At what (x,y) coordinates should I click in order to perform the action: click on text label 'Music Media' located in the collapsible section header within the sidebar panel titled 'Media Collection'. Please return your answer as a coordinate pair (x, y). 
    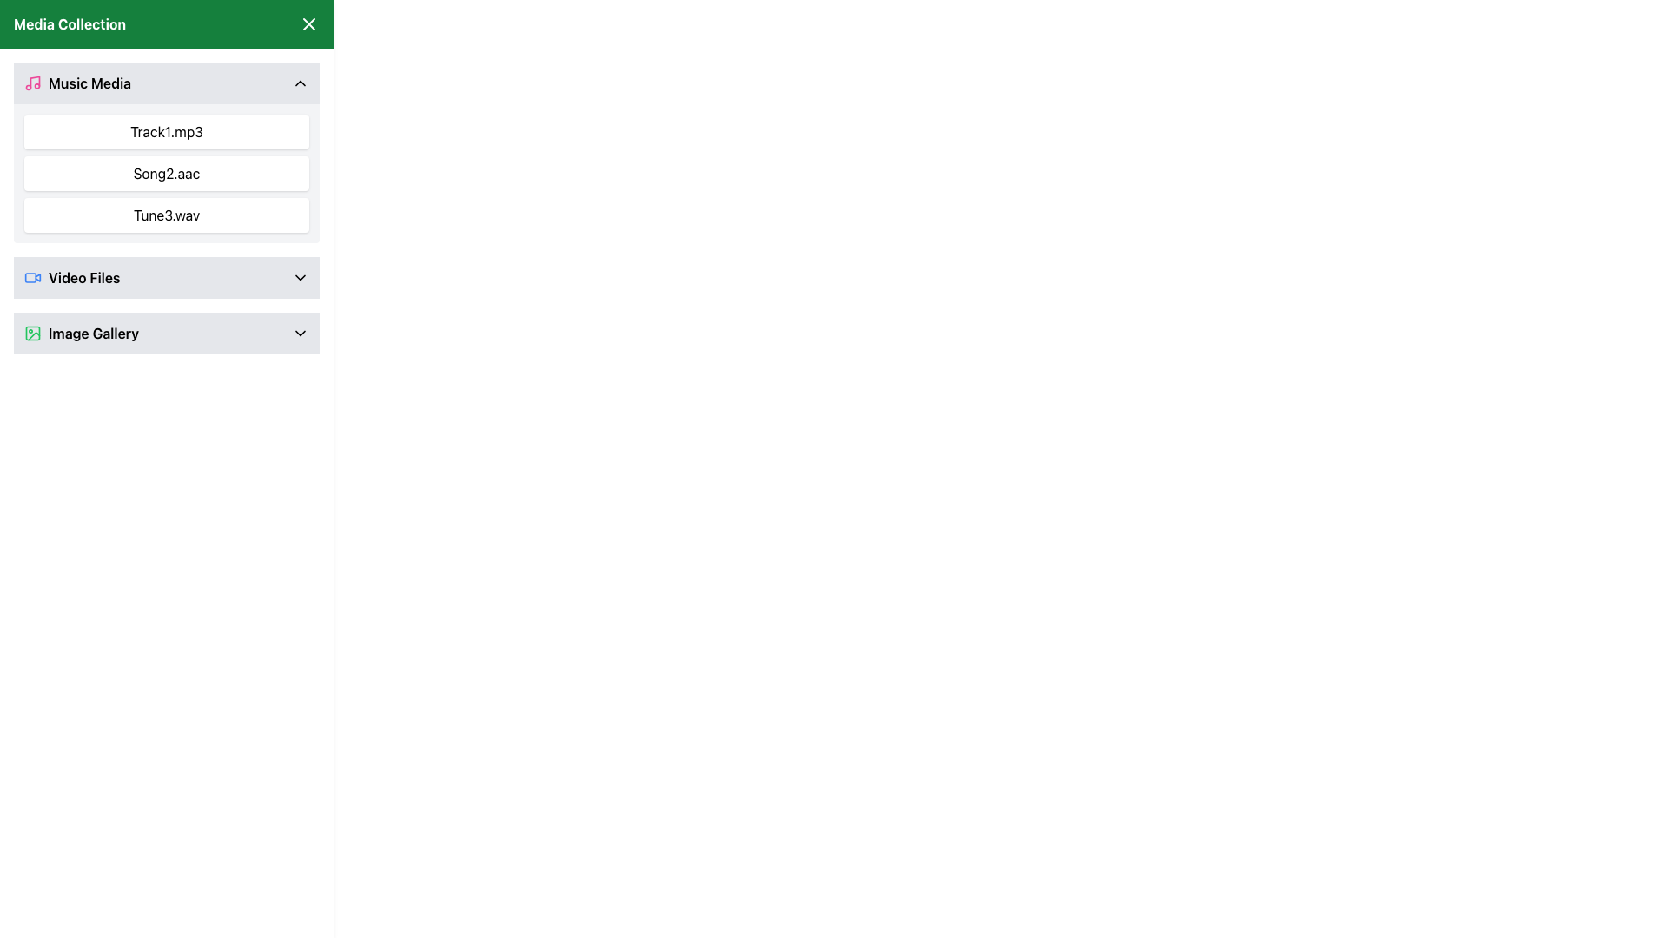
    Looking at the image, I should click on (89, 83).